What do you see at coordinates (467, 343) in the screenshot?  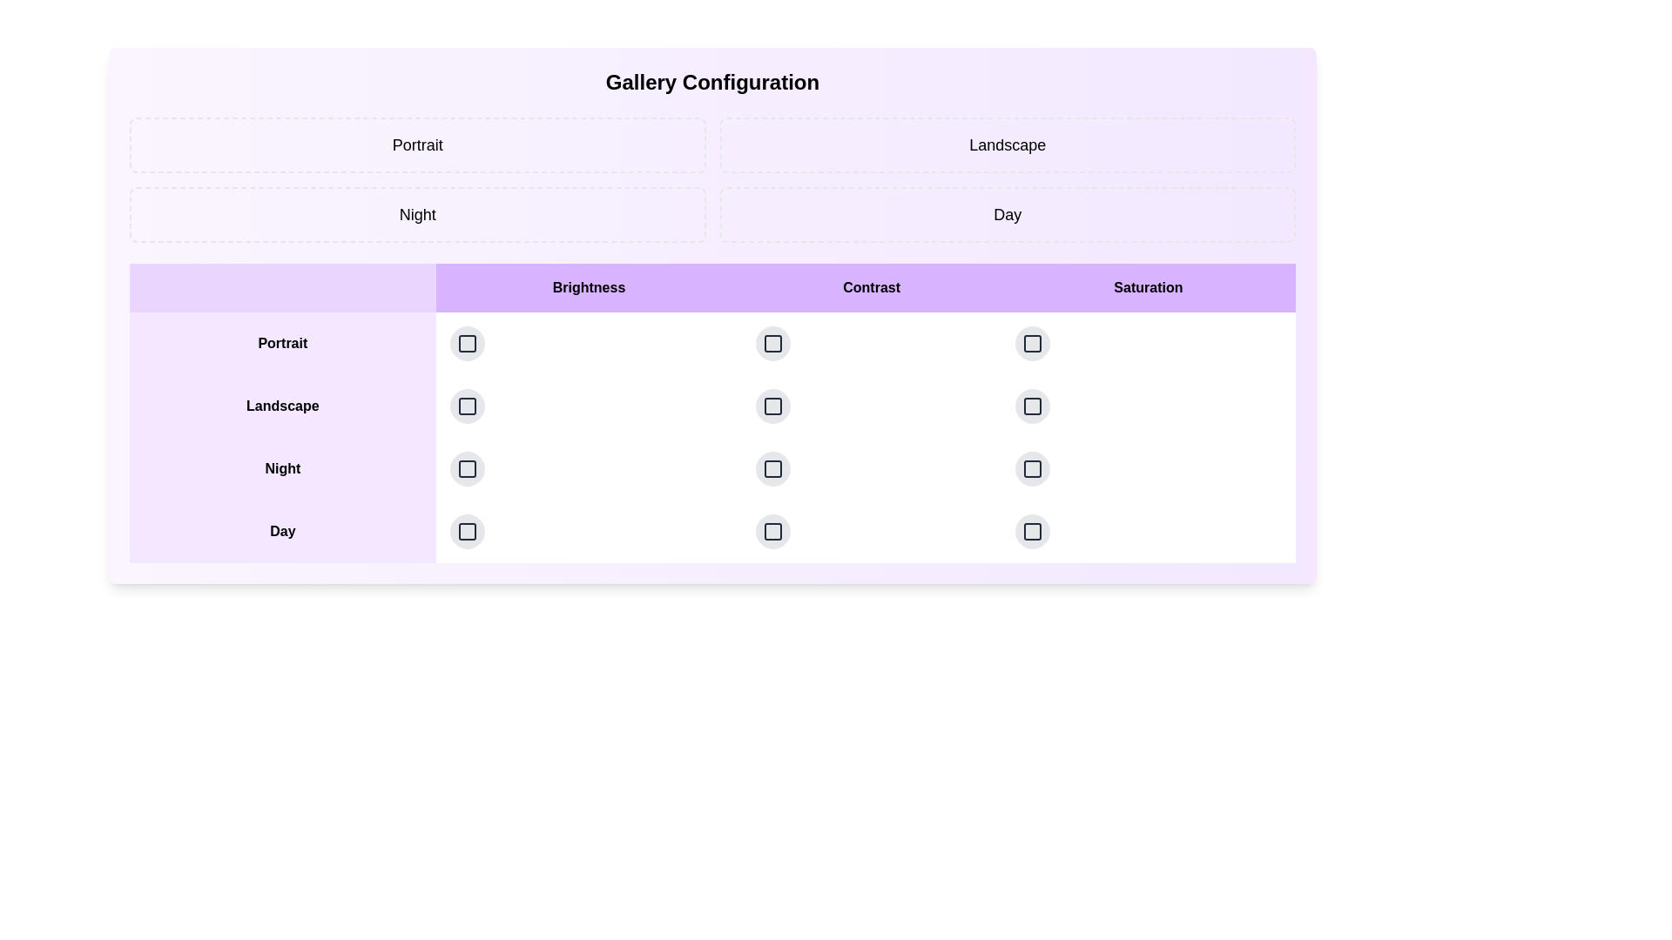 I see `the circular button with a grey background and black border located in the 'Brightness' column, aligning with the 'Portrait' row` at bounding box center [467, 343].